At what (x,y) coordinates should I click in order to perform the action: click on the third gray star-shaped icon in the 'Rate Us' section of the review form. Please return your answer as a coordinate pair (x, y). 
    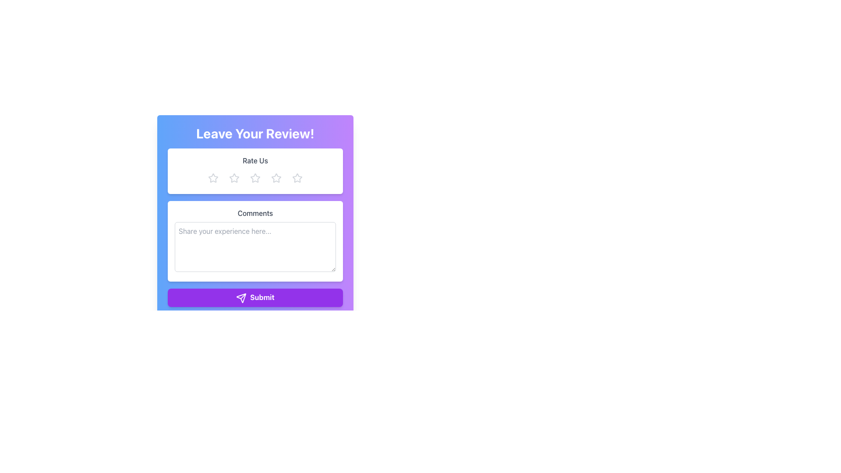
    Looking at the image, I should click on (254, 178).